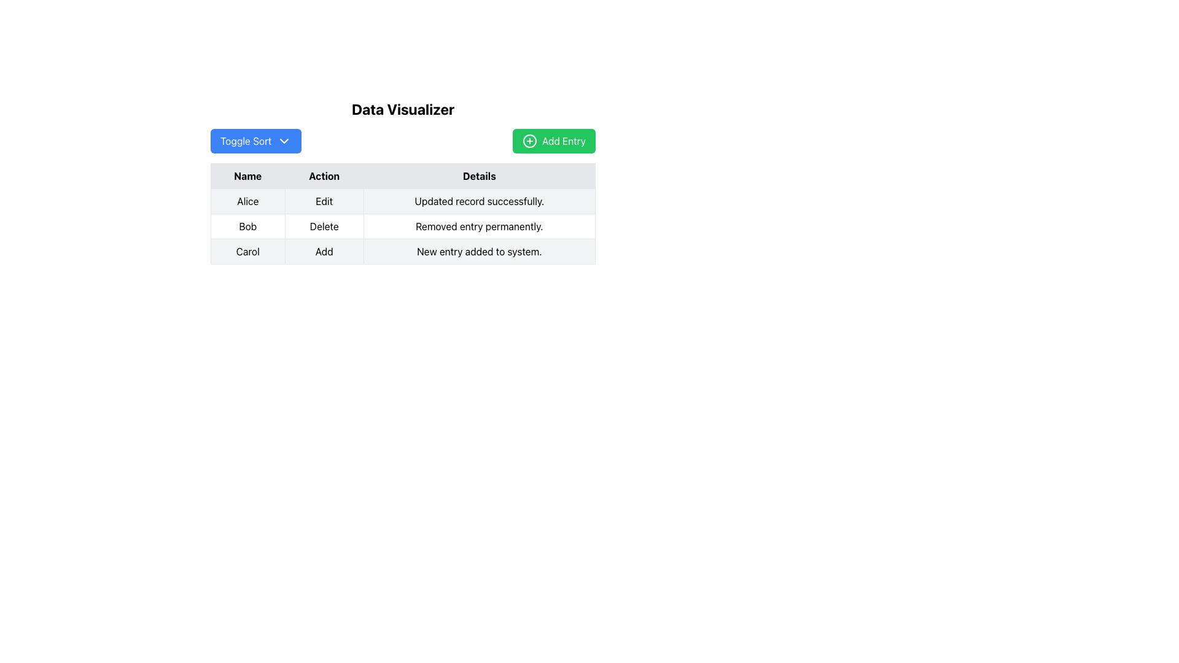 This screenshot has width=1179, height=663. Describe the element at coordinates (247, 250) in the screenshot. I see `the static text element displaying the name 'Carol' in the first column of the third row of the table under the 'Data Visualizer' header` at that location.